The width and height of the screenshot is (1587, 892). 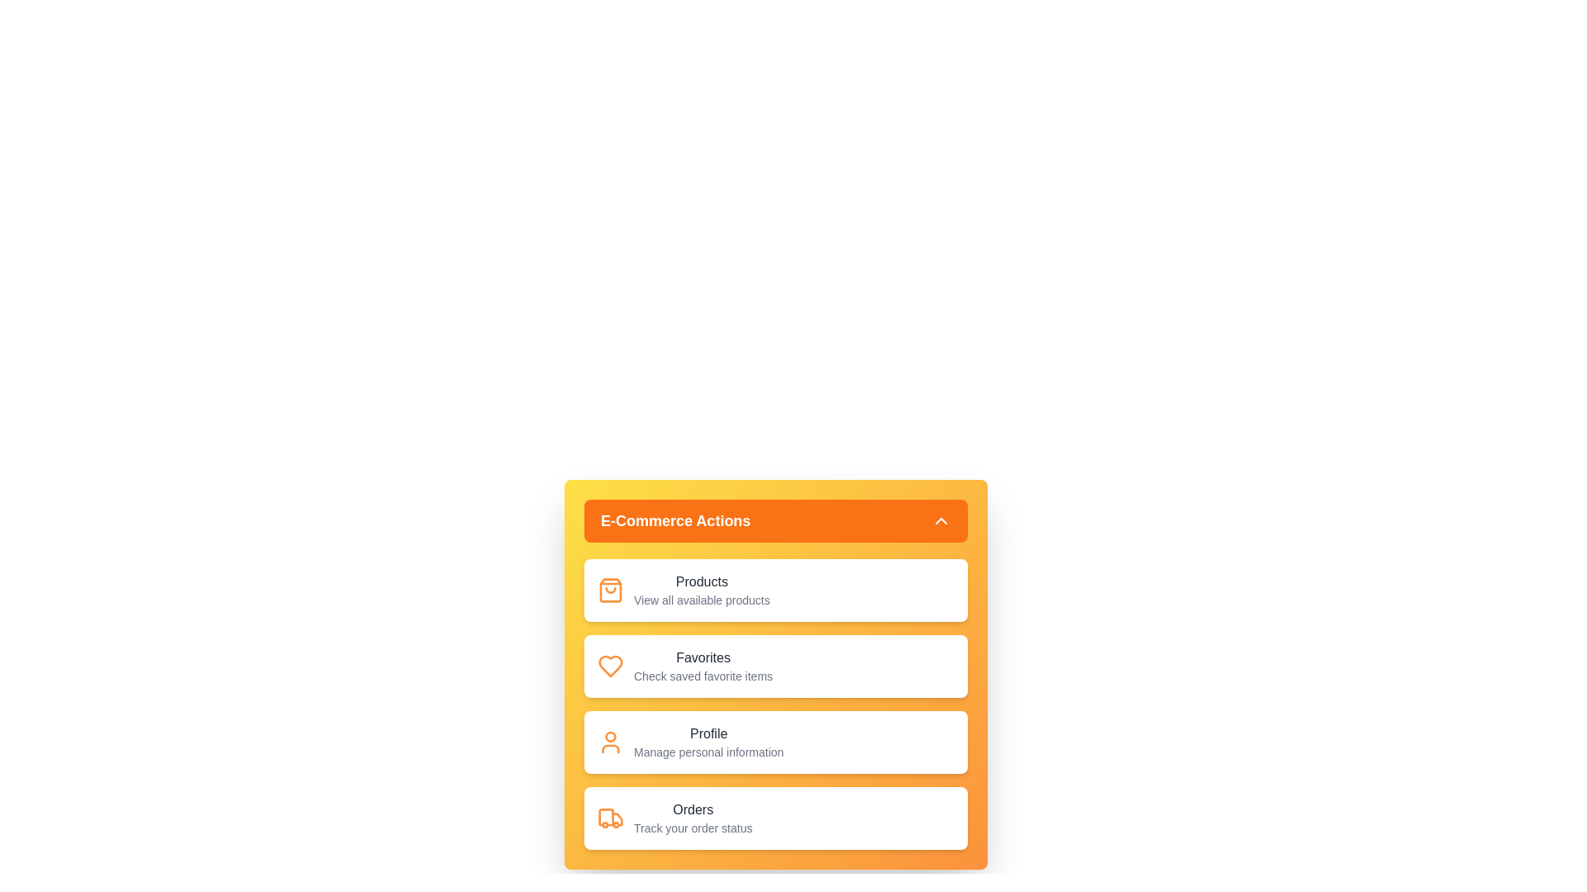 What do you see at coordinates (775, 589) in the screenshot?
I see `the menu item Products to reveal its details` at bounding box center [775, 589].